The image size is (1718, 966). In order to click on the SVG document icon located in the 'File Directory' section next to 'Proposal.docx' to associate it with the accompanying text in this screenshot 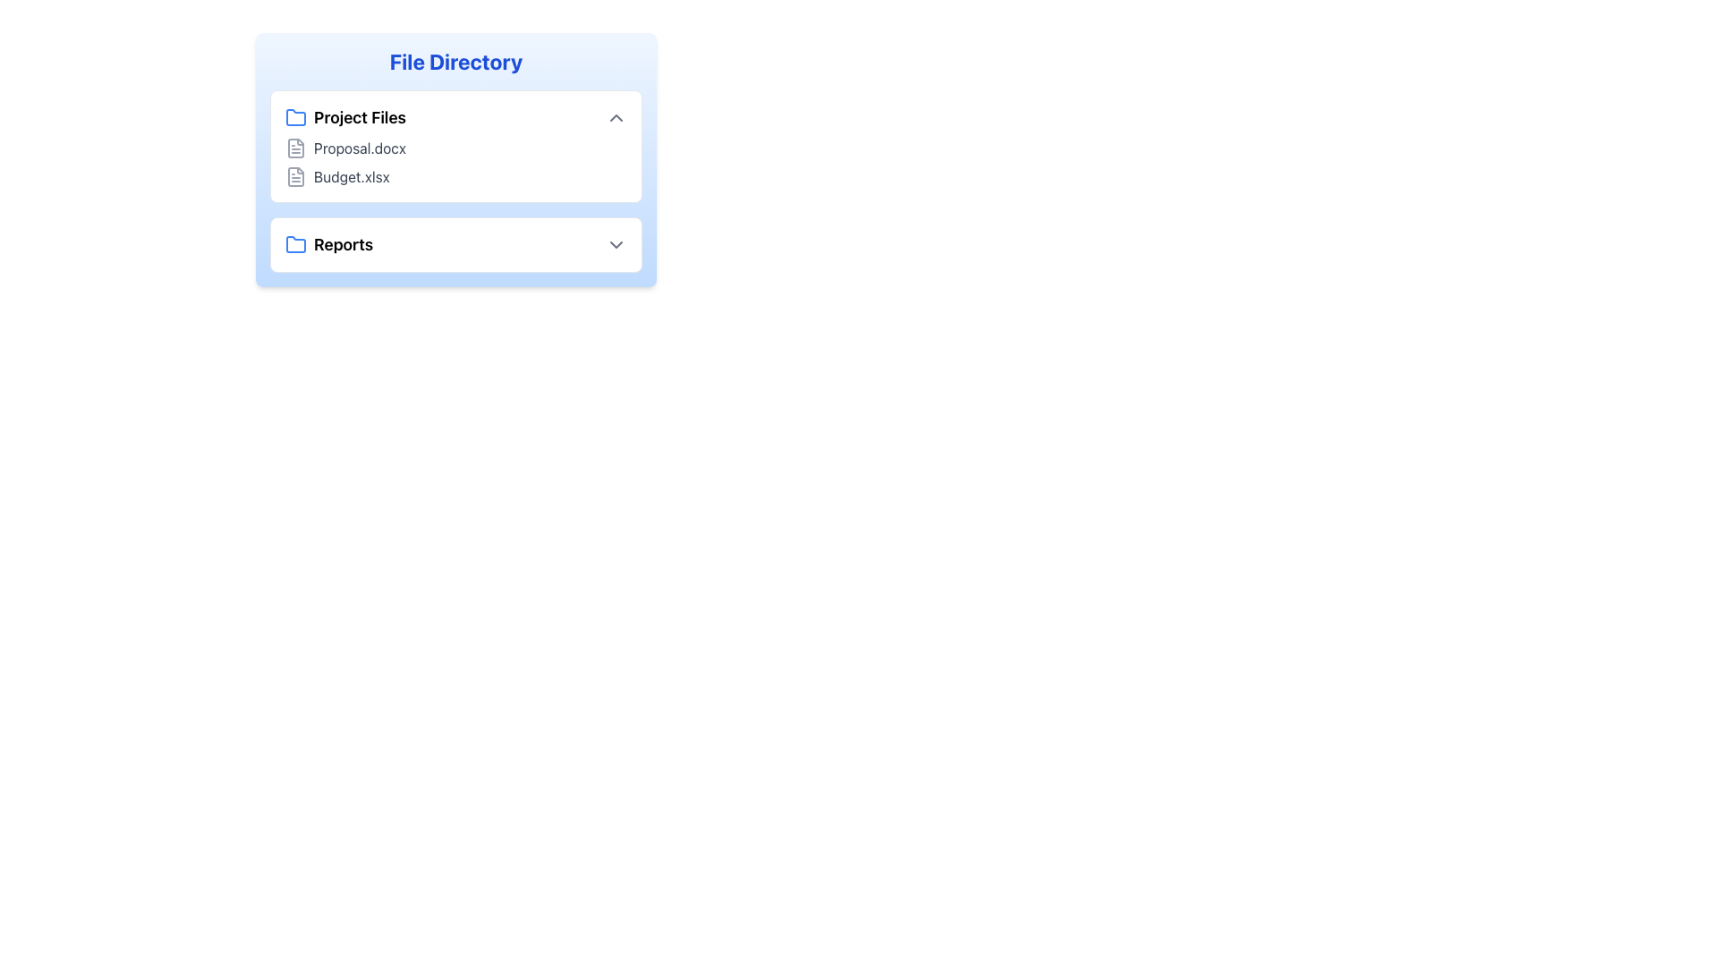, I will do `click(296, 147)`.